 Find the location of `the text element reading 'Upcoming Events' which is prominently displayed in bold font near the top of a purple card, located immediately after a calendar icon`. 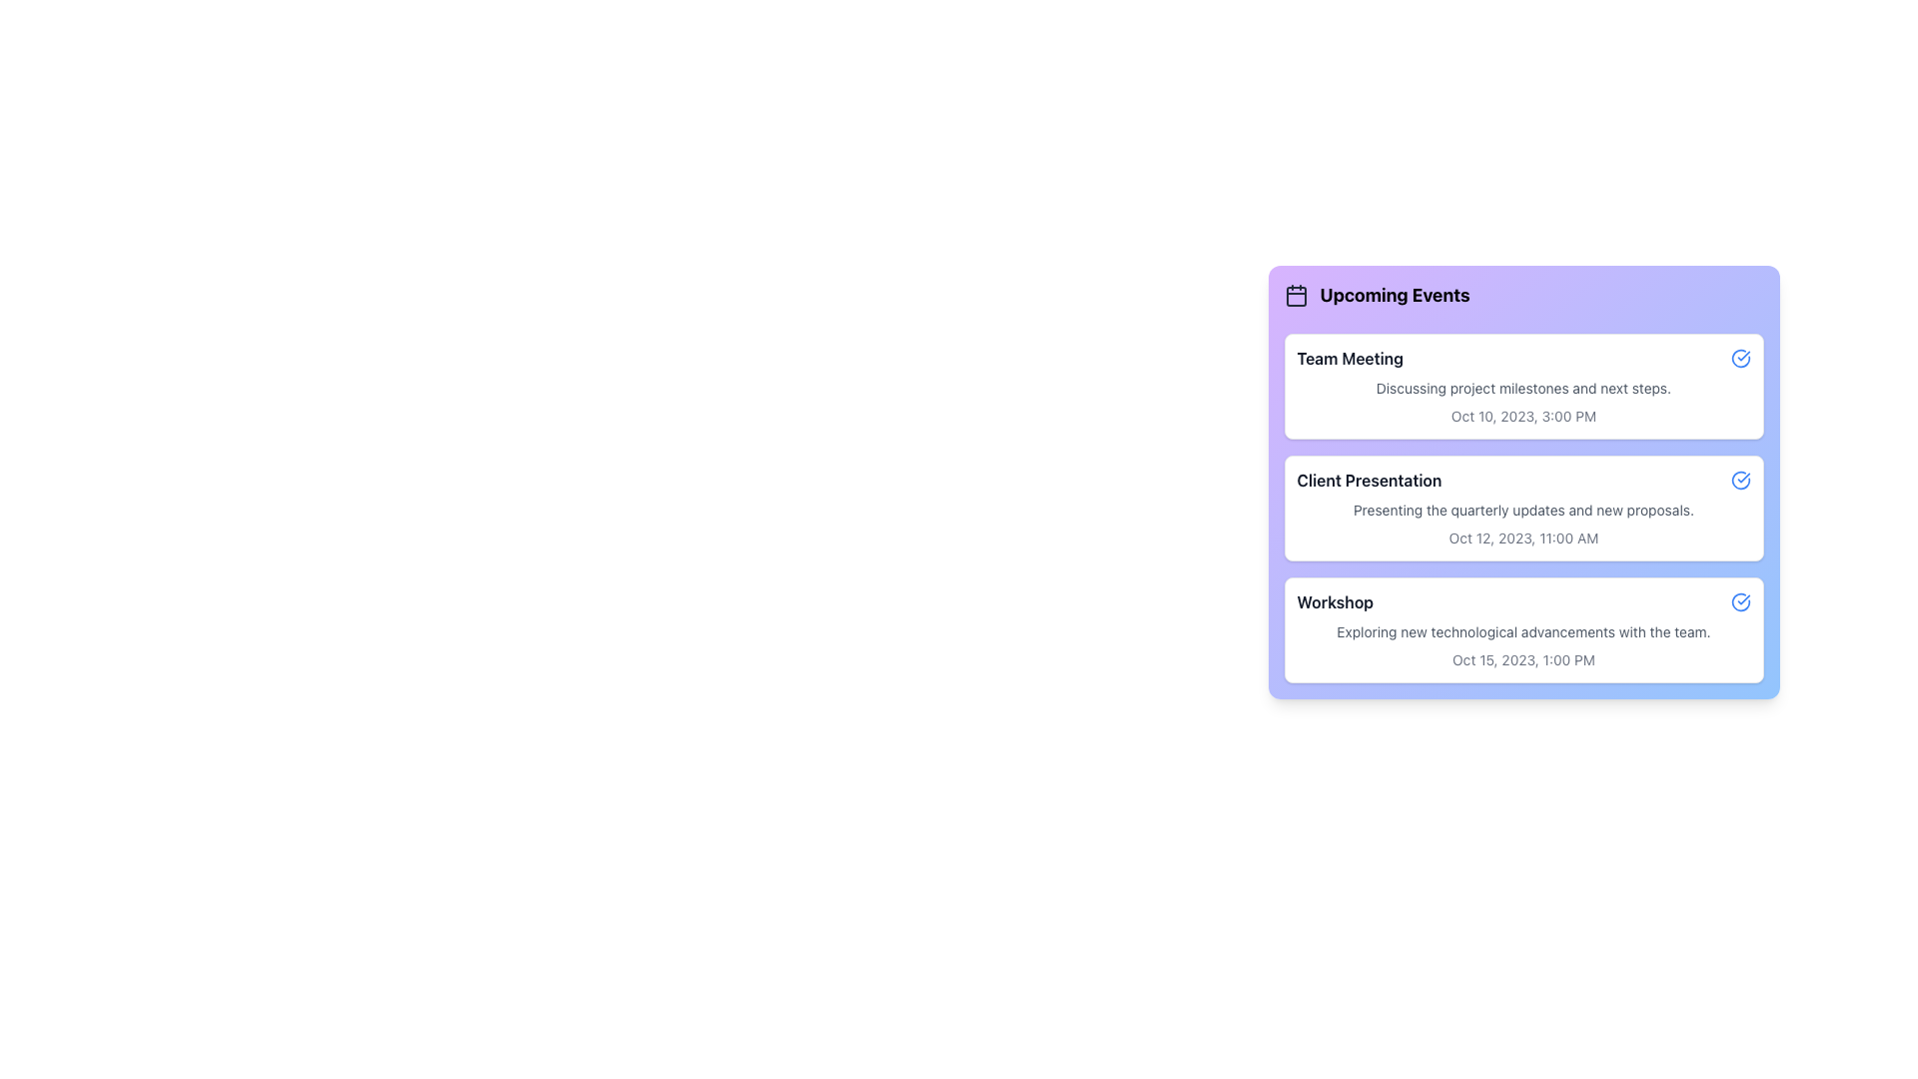

the text element reading 'Upcoming Events' which is prominently displayed in bold font near the top of a purple card, located immediately after a calendar icon is located at coordinates (1394, 296).